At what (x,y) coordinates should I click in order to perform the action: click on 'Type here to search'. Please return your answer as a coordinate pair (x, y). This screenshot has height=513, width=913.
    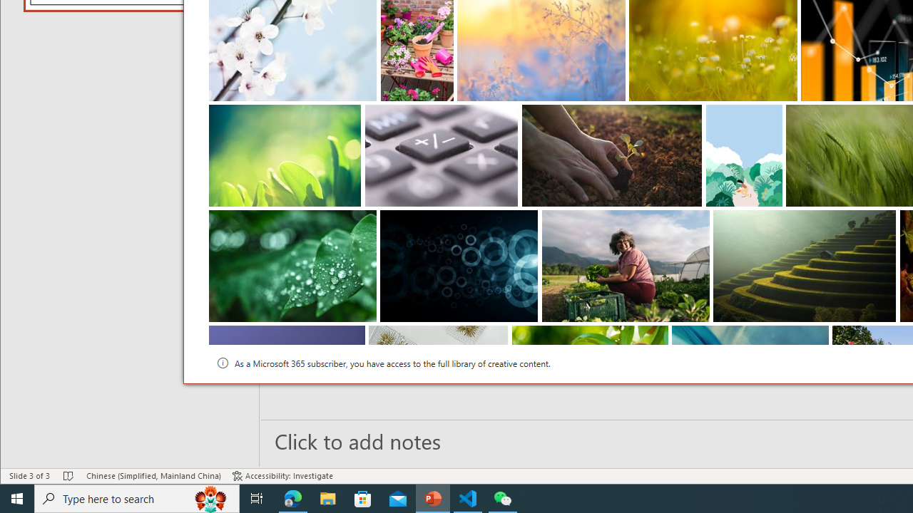
    Looking at the image, I should click on (137, 497).